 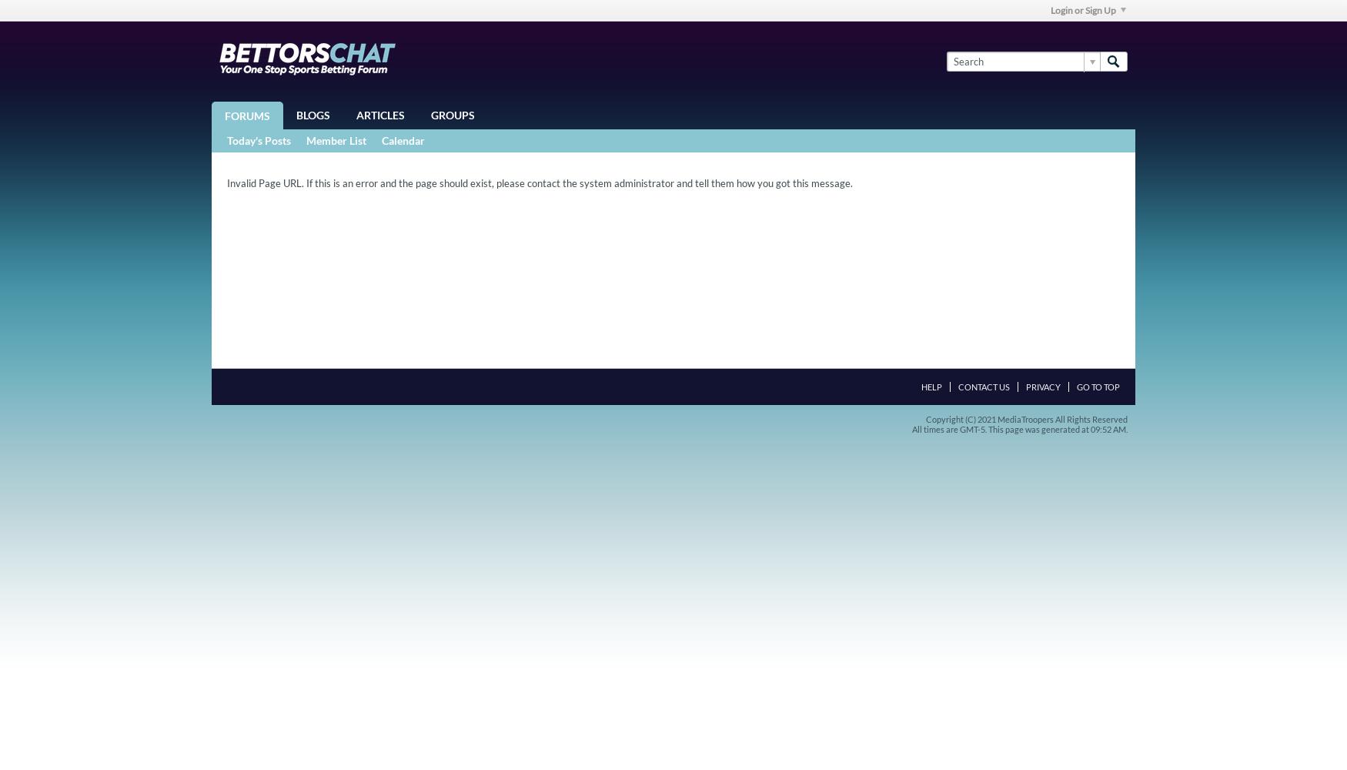 I want to click on 'Login or Sign Up', so click(x=1082, y=10).